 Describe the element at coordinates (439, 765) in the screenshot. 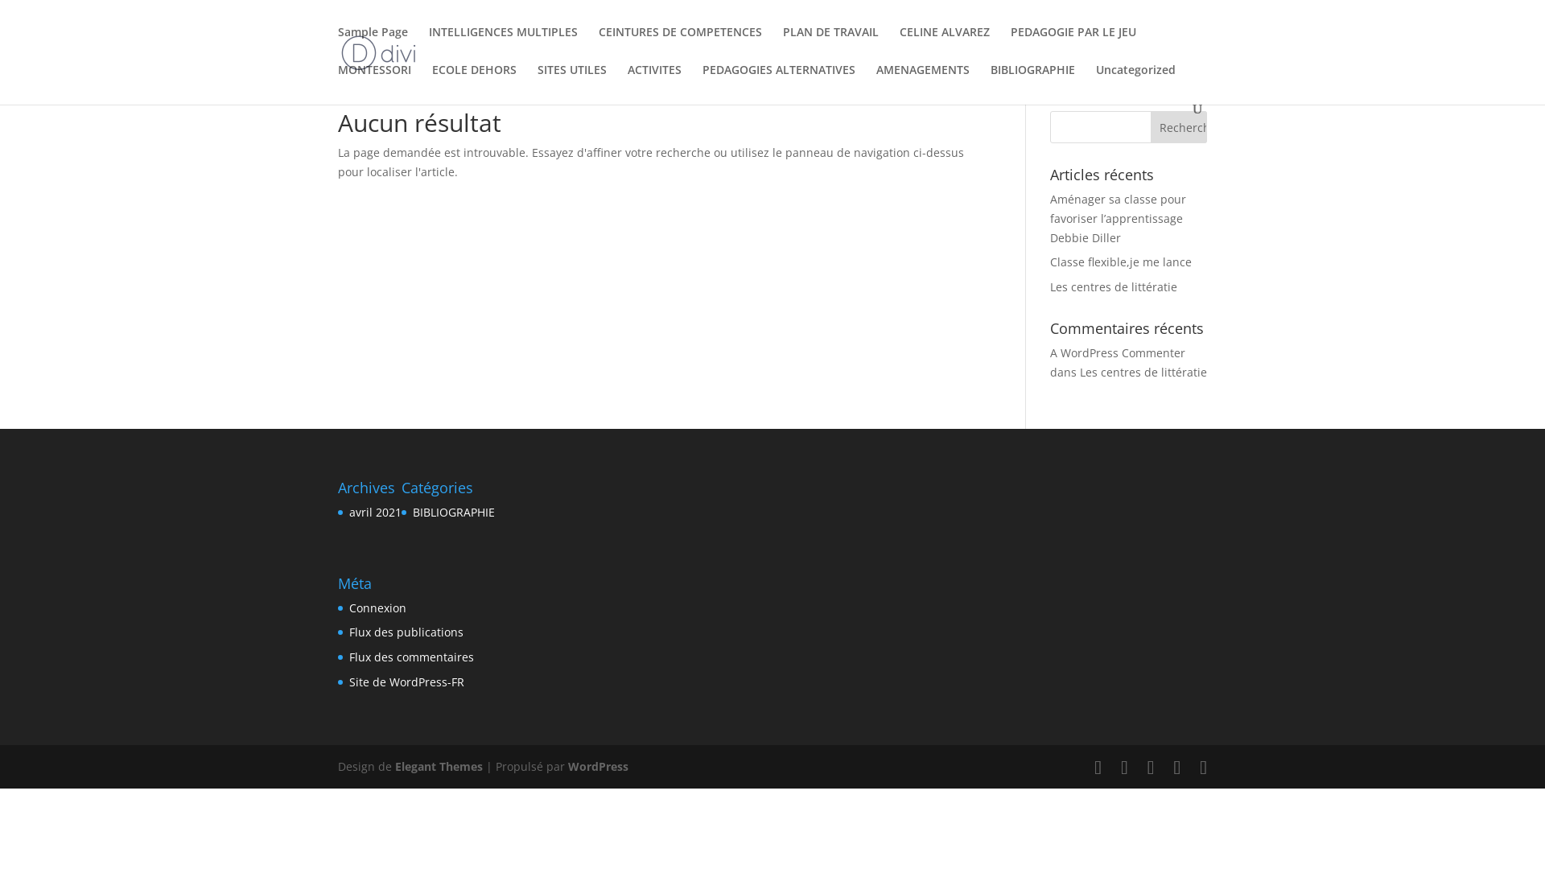

I see `'Elegant Themes'` at that location.